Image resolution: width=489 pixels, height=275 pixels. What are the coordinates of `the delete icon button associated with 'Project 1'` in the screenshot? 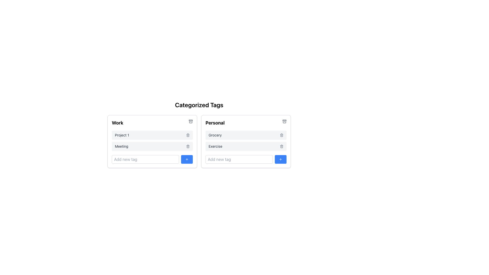 It's located at (188, 135).